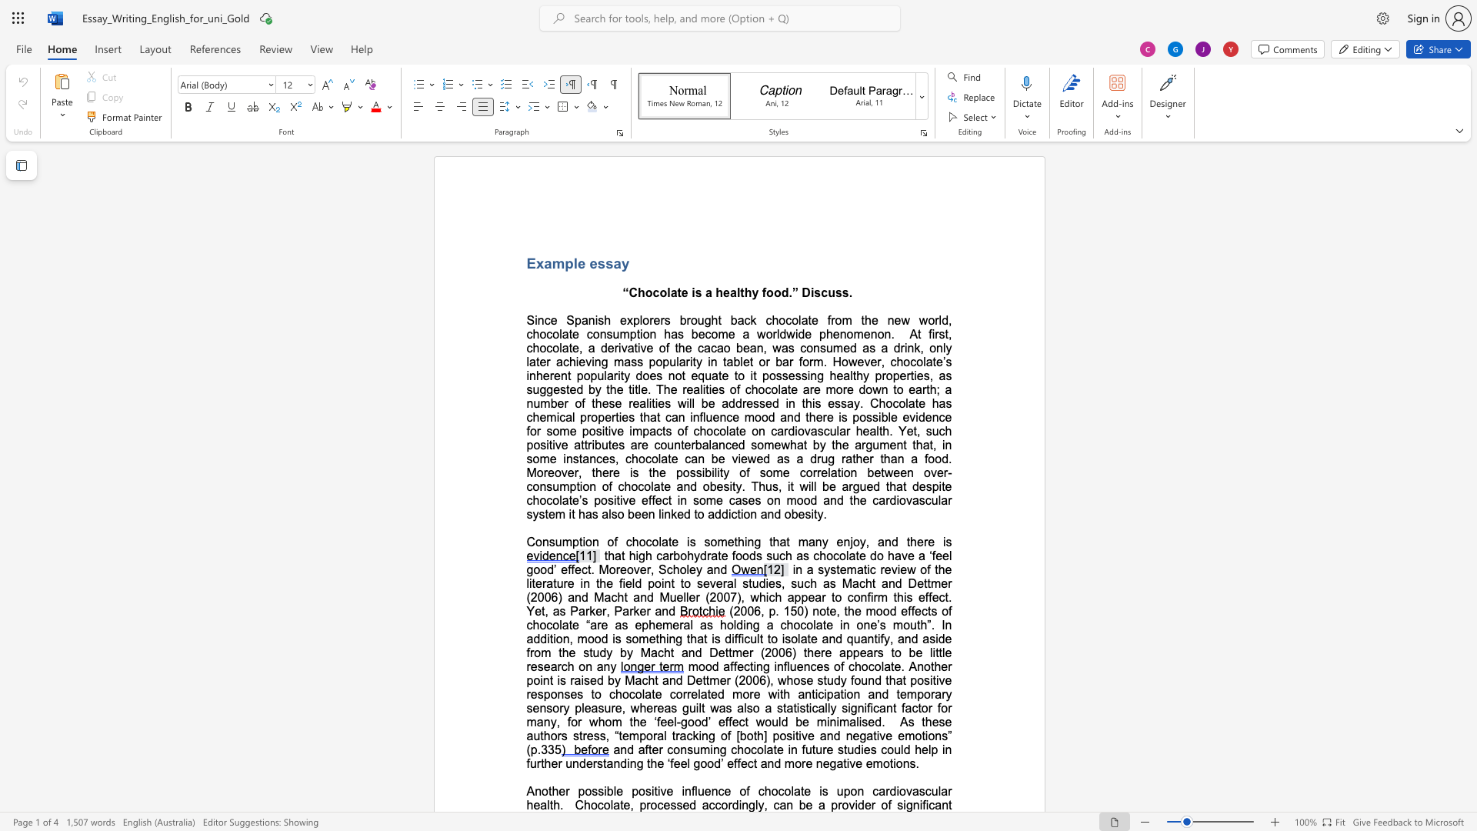 This screenshot has width=1477, height=831. Describe the element at coordinates (568, 458) in the screenshot. I see `the 3th character "n" in the text` at that location.